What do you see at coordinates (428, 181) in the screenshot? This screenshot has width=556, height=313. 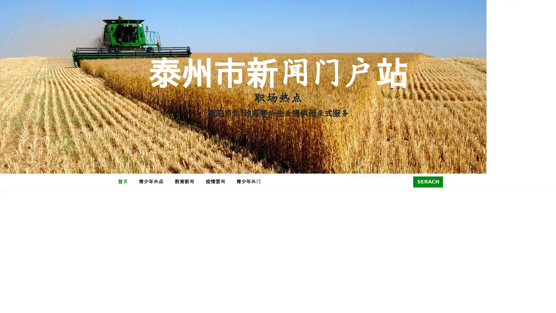 I see `serach` at bounding box center [428, 181].